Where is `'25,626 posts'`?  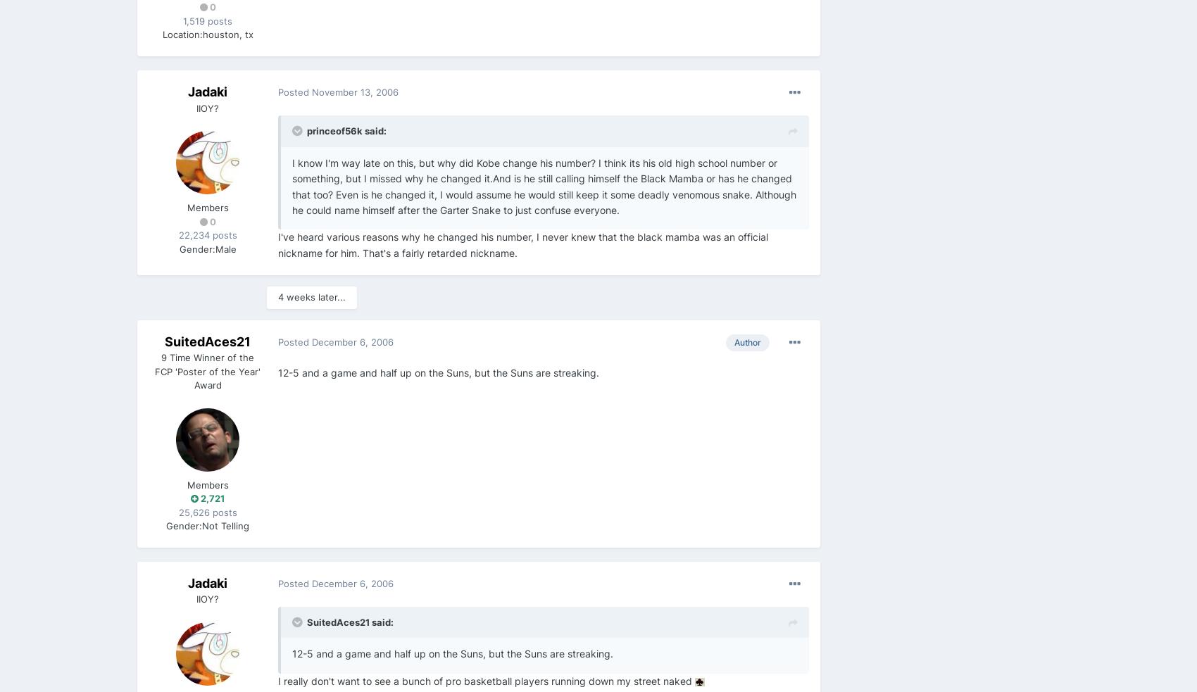 '25,626 posts' is located at coordinates (177, 511).